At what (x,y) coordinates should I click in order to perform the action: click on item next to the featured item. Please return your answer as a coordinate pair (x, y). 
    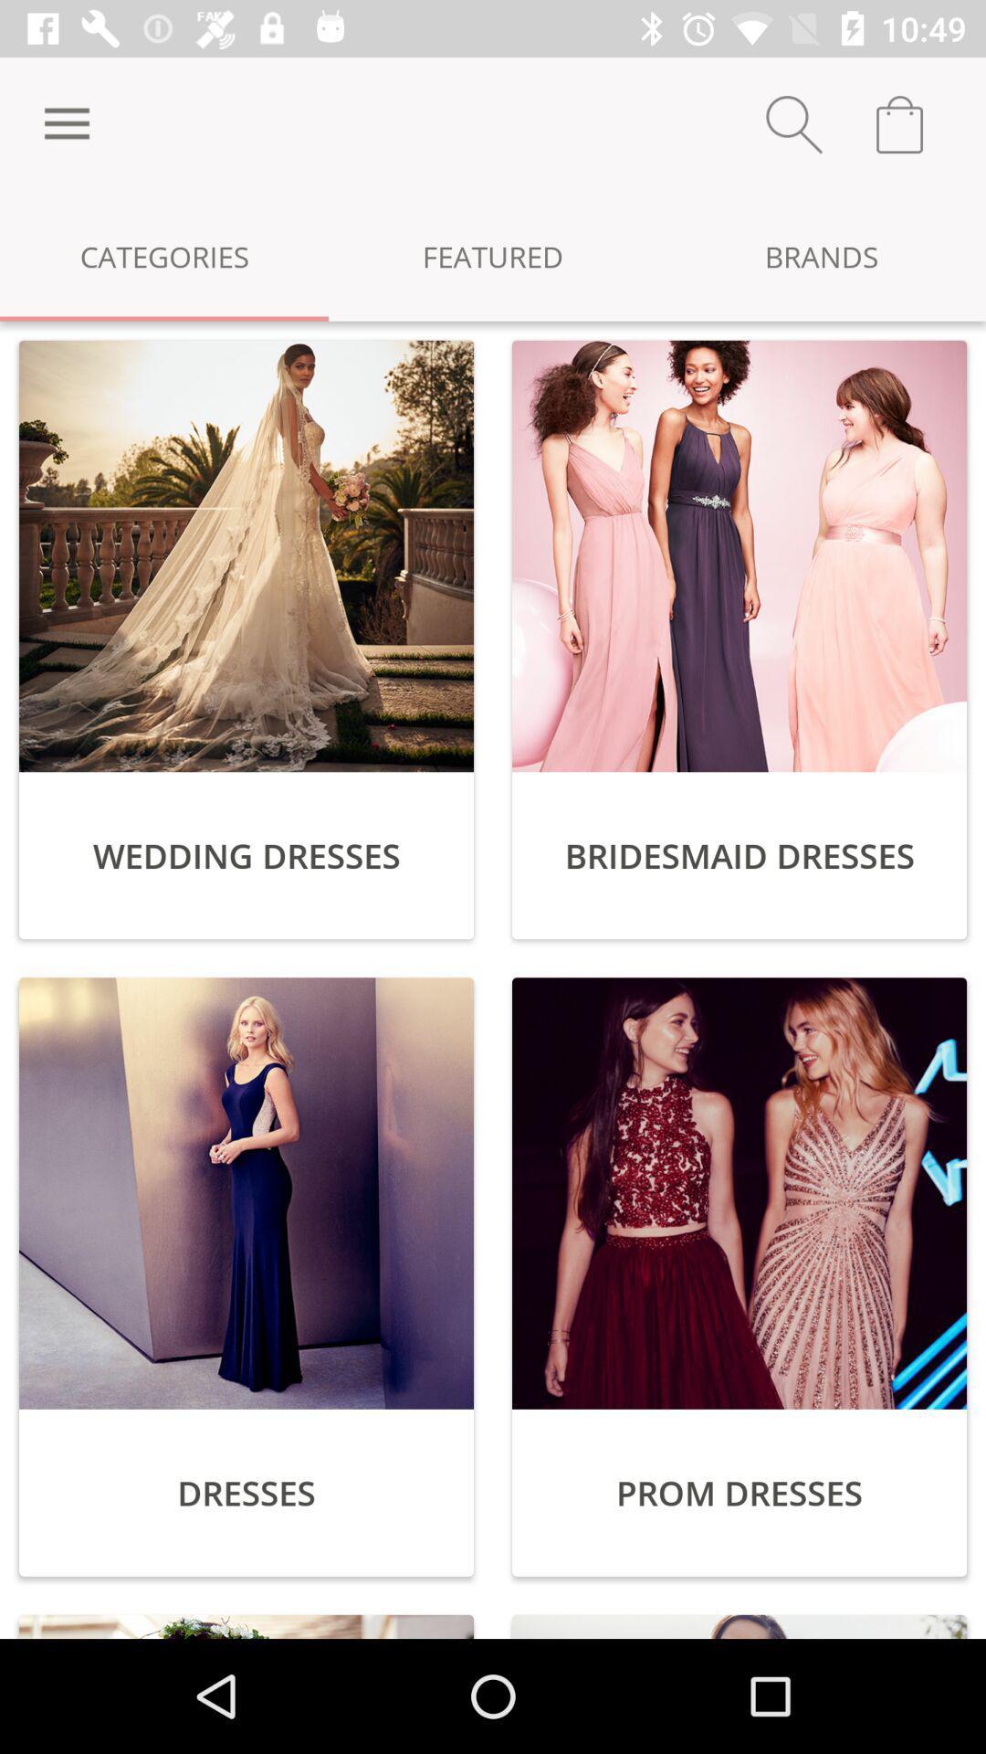
    Looking at the image, I should click on (164, 255).